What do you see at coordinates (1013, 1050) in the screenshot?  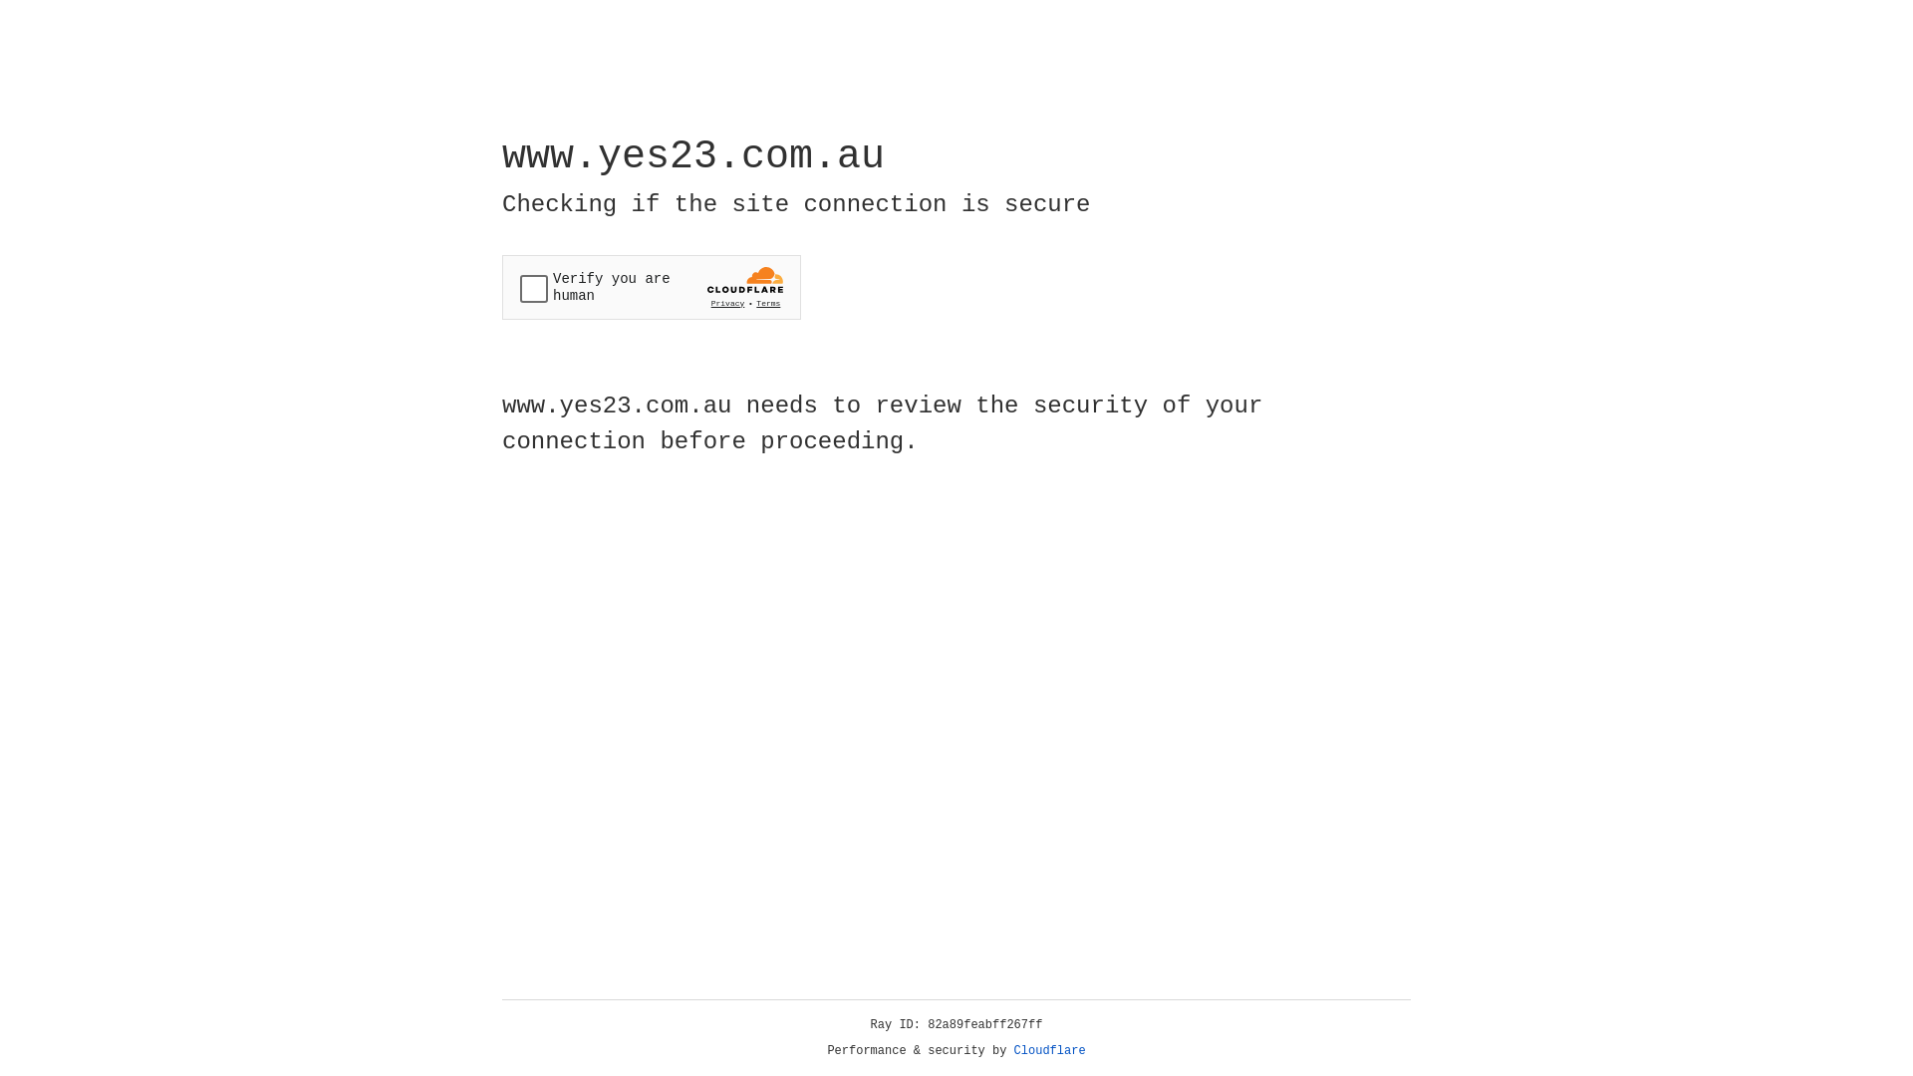 I see `'Cloudflare'` at bounding box center [1013, 1050].